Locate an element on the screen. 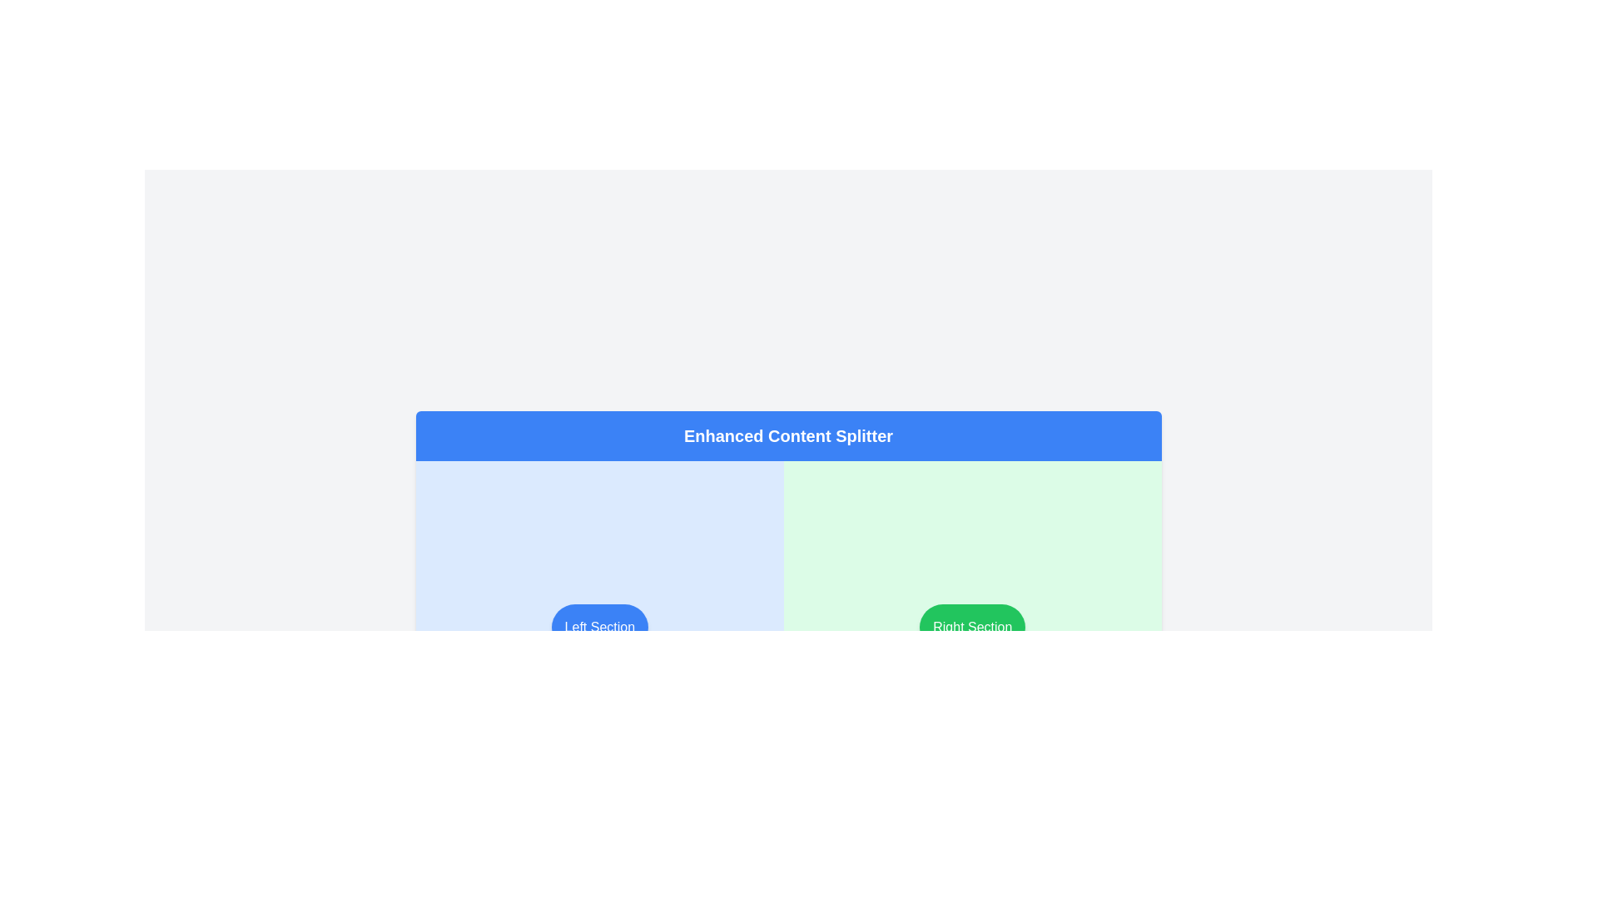 The width and height of the screenshot is (1598, 899). the button located in the 'Left Section' with a light-blue background is located at coordinates (599, 627).